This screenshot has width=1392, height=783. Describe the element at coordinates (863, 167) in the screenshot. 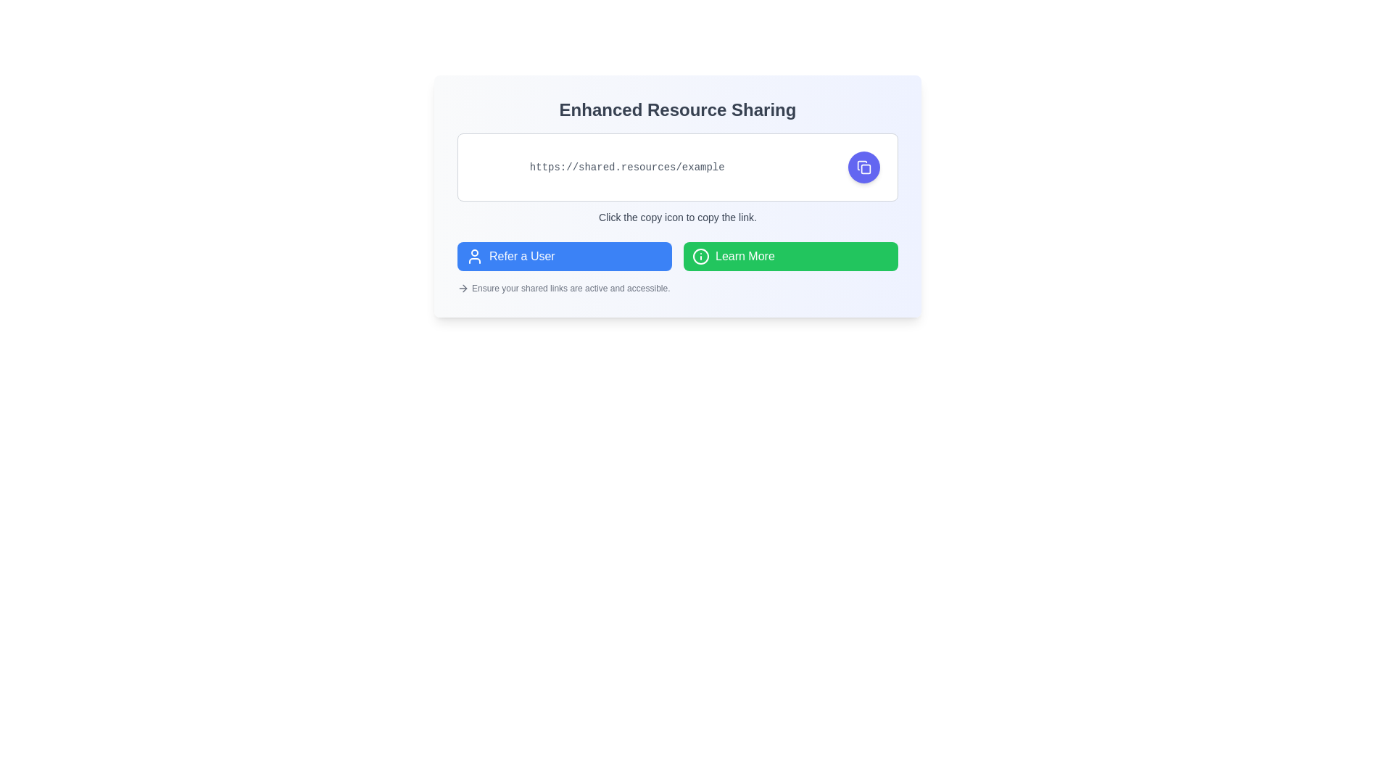

I see `the icon-based button located at the rightmost side of the link entry field to copy the displayed link to the clipboard` at that location.